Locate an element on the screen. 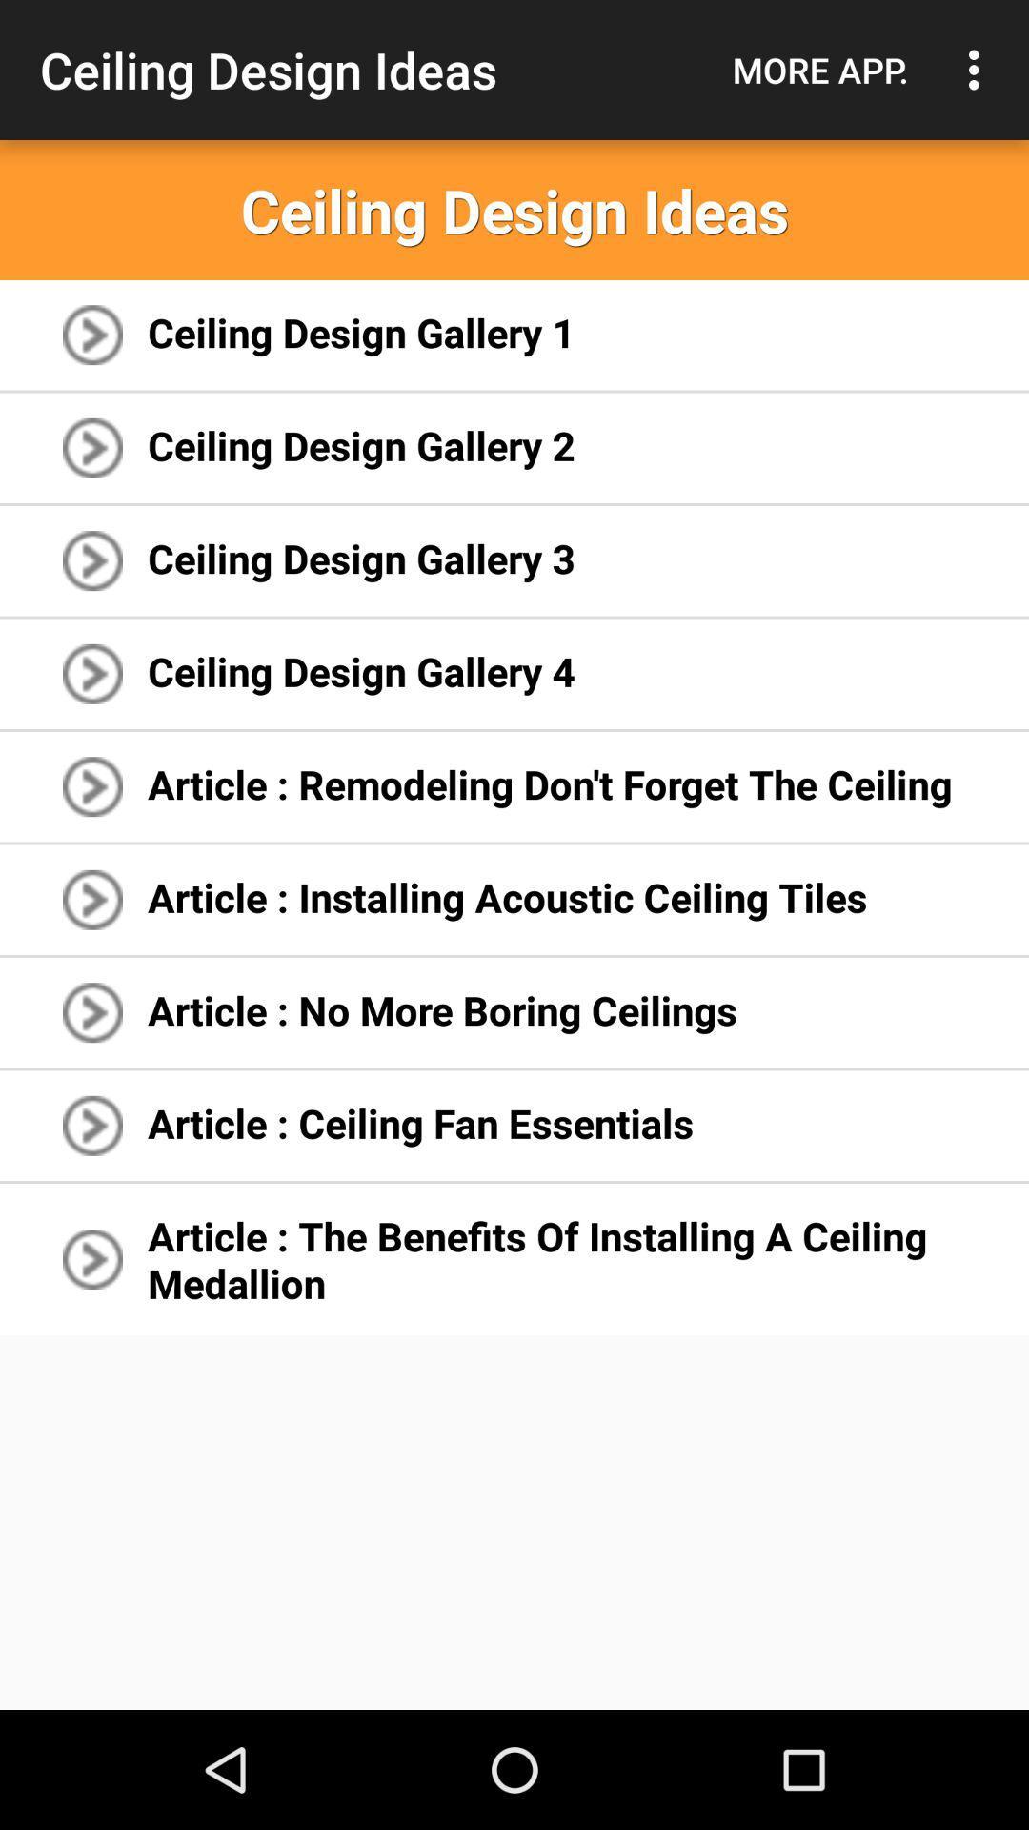 This screenshot has width=1029, height=1830. 7th right arrow icon of the page is located at coordinates (92, 1011).